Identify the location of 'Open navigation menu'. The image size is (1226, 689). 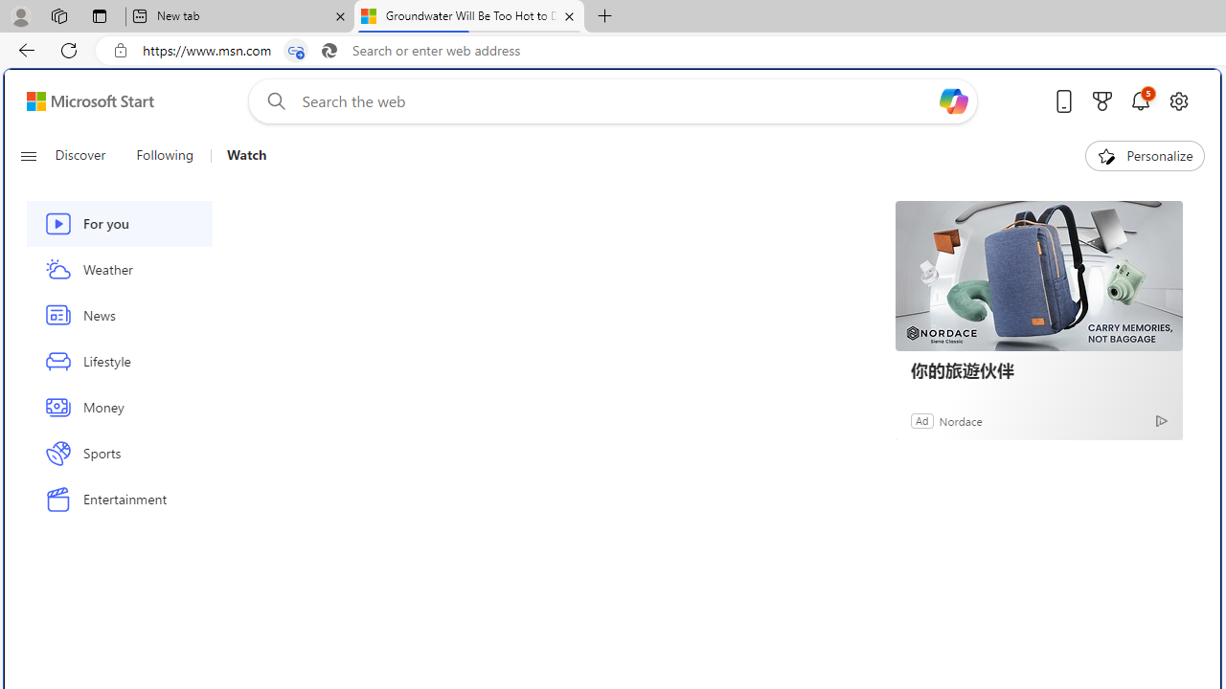
(28, 155).